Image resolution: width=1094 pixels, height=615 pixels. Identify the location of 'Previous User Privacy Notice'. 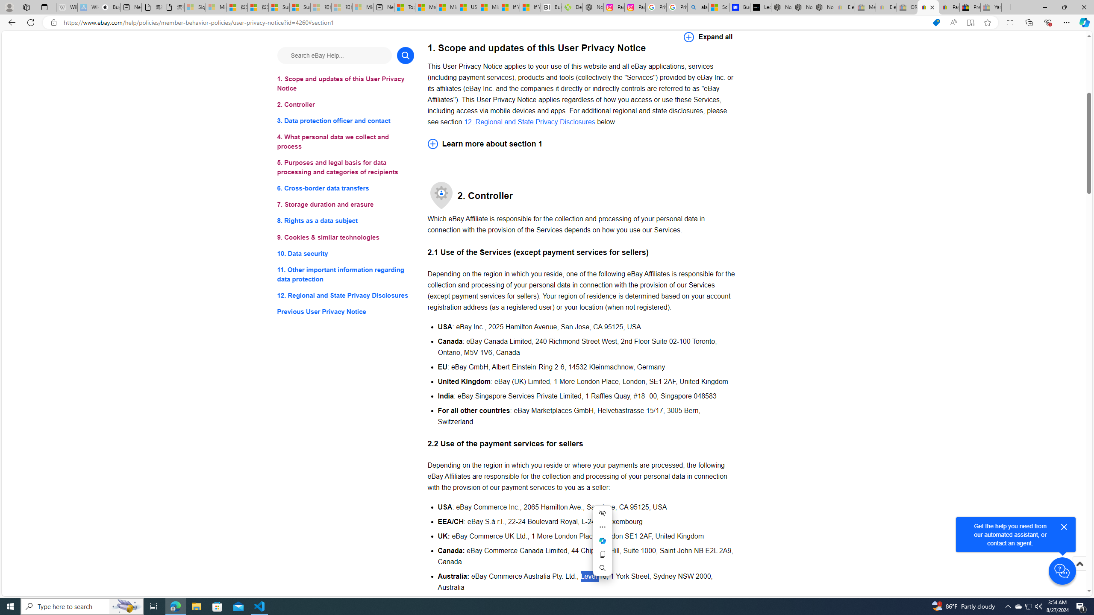
(345, 311).